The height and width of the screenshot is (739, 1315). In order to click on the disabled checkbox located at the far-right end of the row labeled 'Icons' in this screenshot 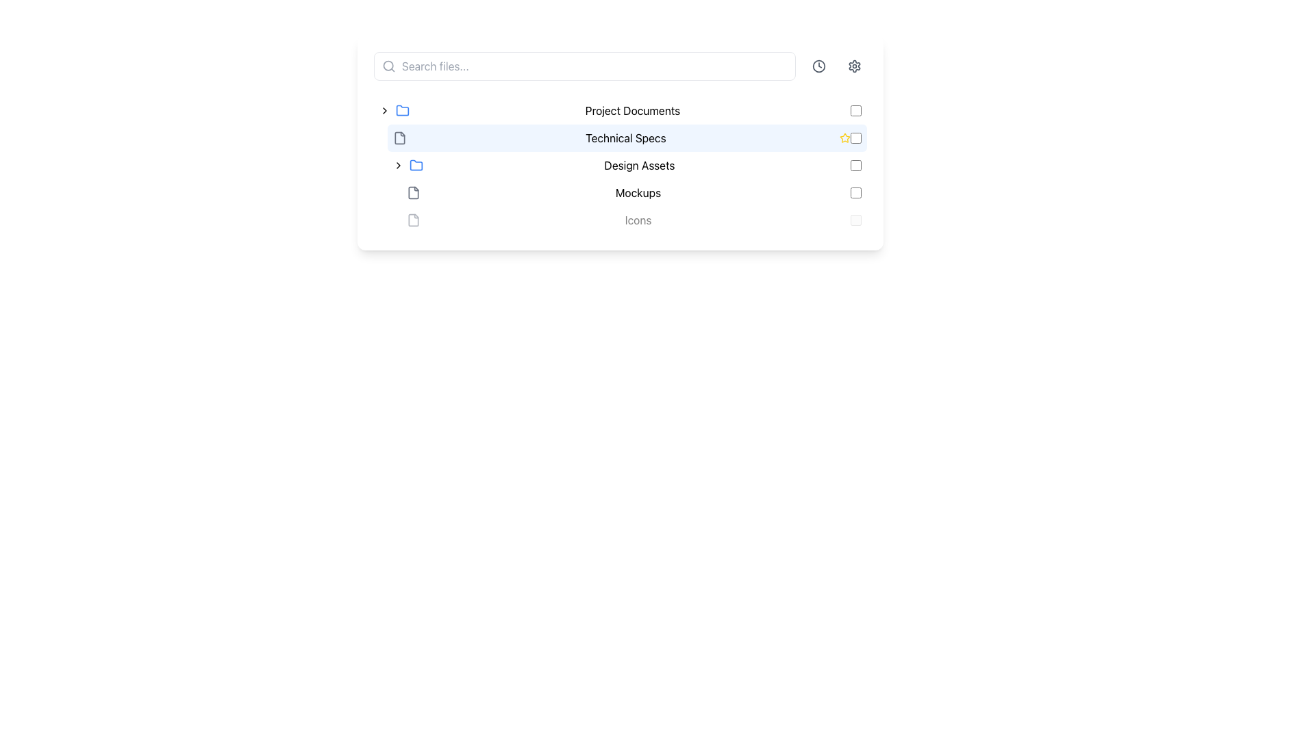, I will do `click(855, 219)`.